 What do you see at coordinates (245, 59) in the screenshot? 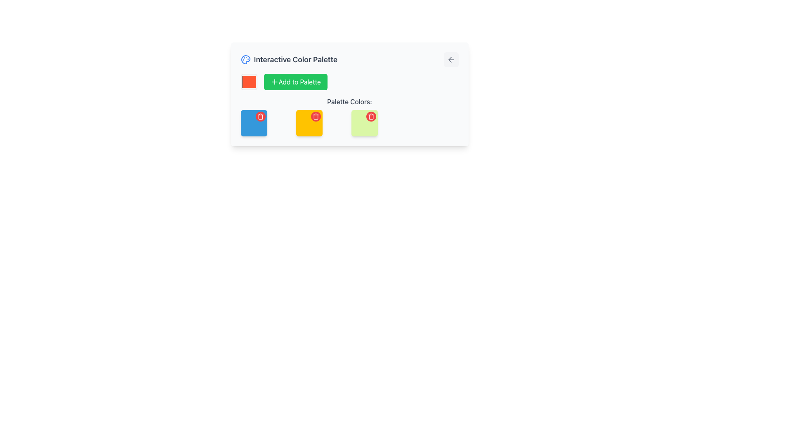
I see `the painter's palette decorative icon located in the top left section of the interface, near the header 'Interactive Color Palette.'` at bounding box center [245, 59].